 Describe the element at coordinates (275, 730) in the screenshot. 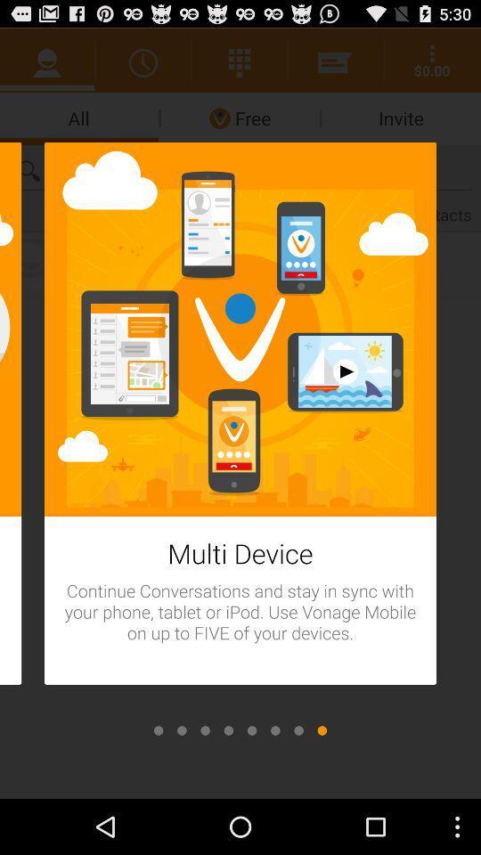

I see `switch to other instructions` at that location.